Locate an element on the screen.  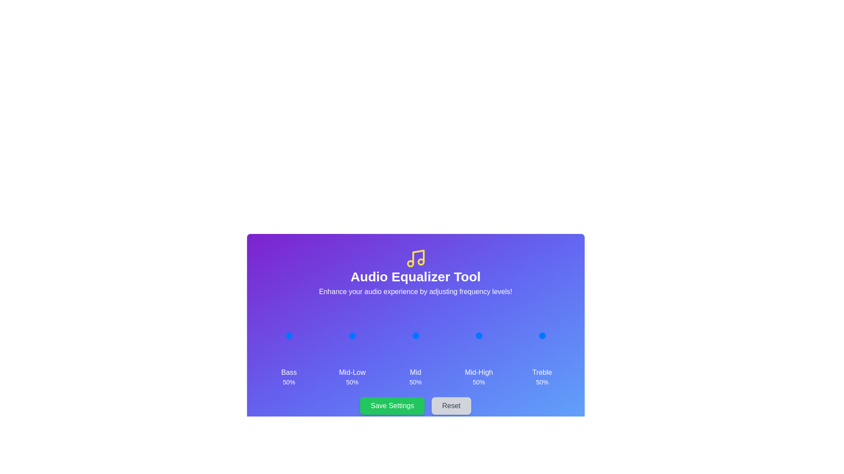
the 1 slider to 62% is located at coordinates (356, 335).